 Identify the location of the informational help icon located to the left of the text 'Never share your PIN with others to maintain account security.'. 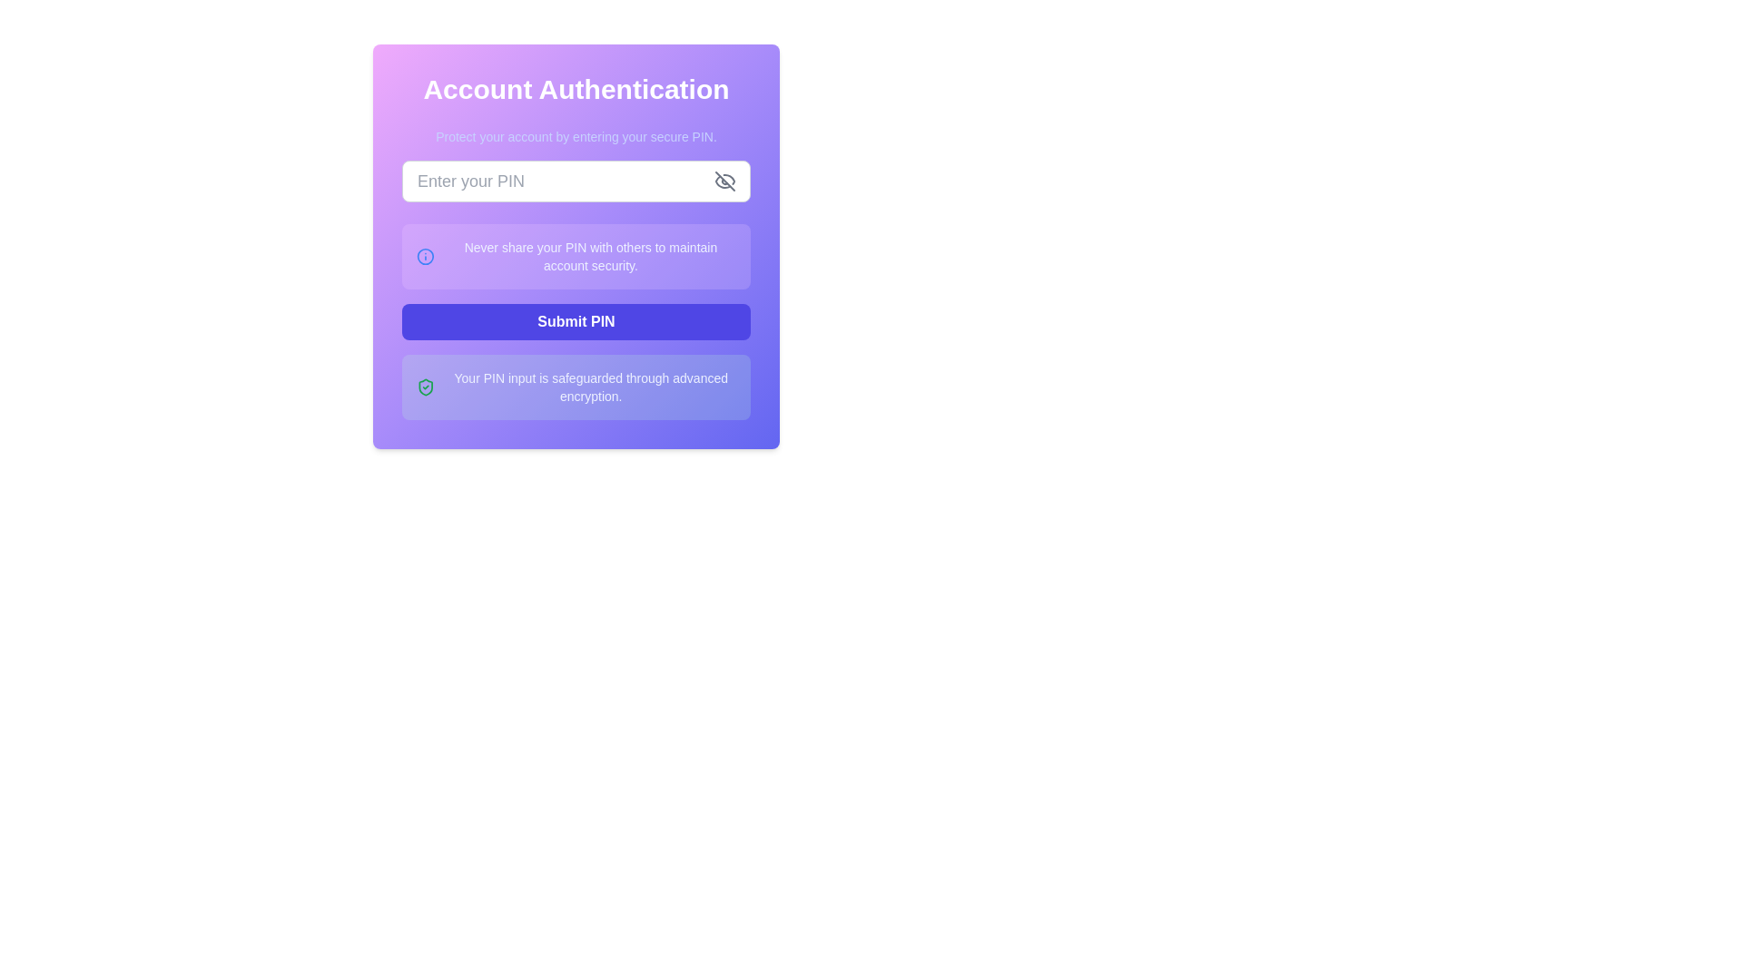
(424, 256).